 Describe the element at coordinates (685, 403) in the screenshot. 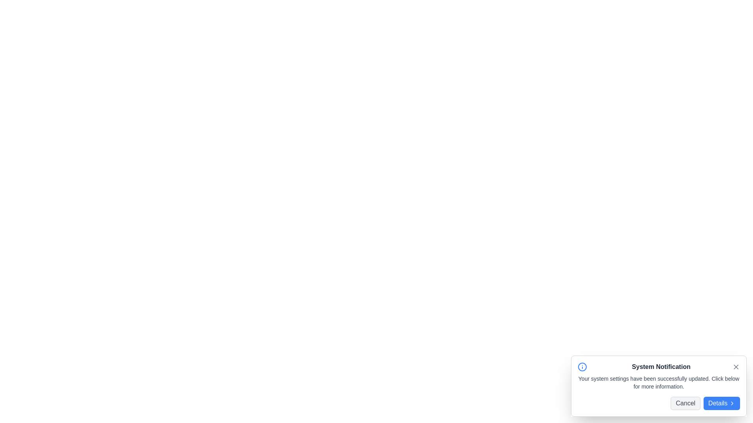

I see `the 'Cancel' button, which is a rectangular button with a light gray background and rounded corners located at the lower-right corner of the modal window` at that location.